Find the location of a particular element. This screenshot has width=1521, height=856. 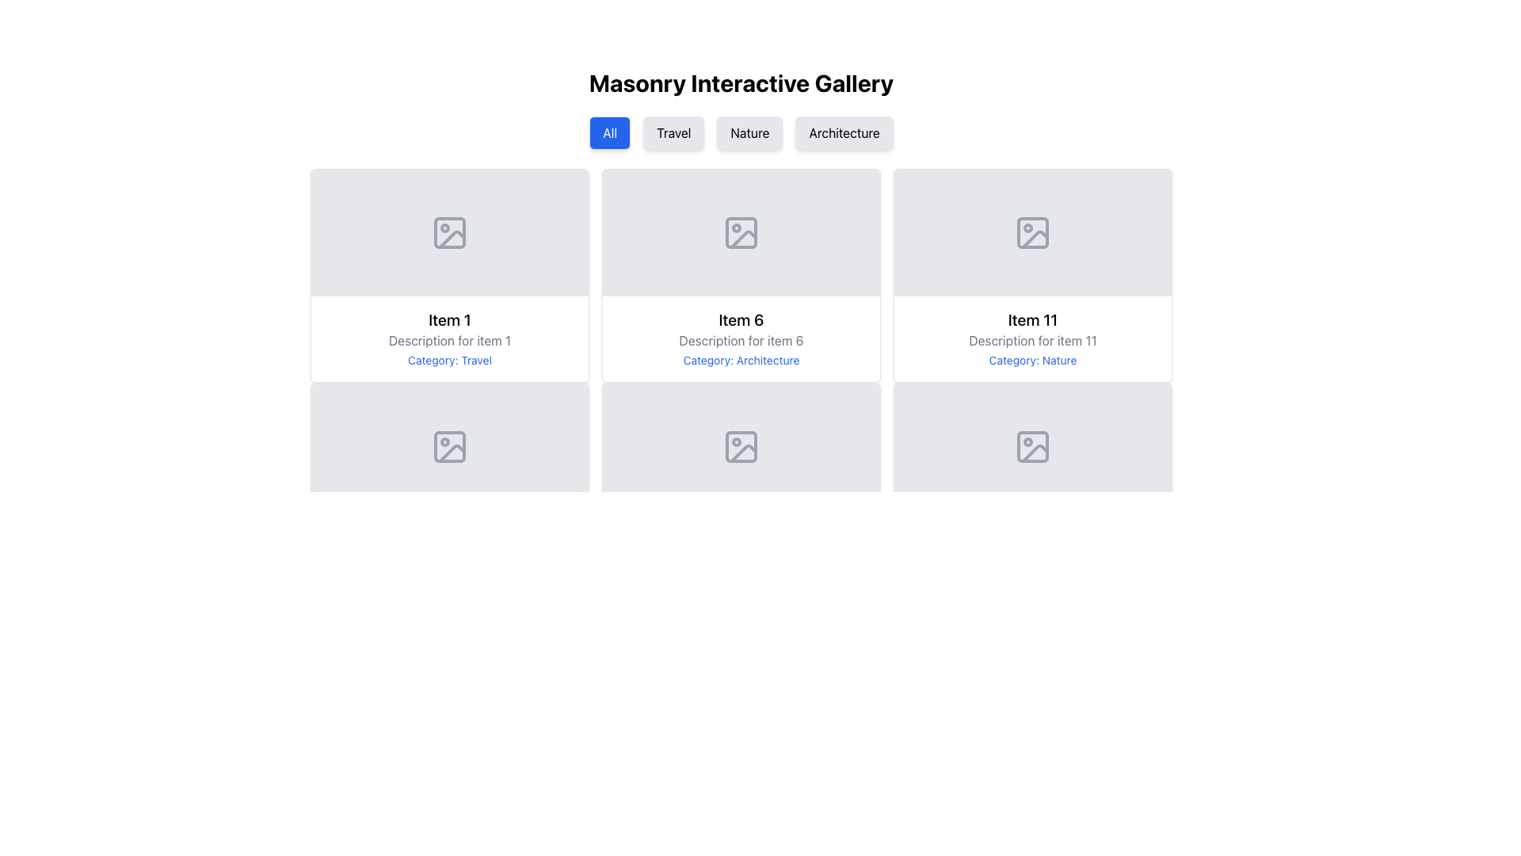

the graphical icon component, which is a light gray rectangular shape with rounded corners, located within an image icon on a gray card labeled 'Item 11' is located at coordinates (1033, 446).